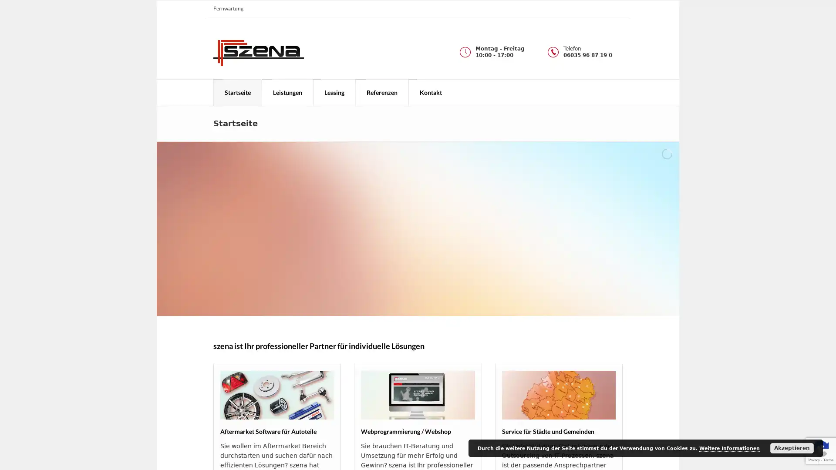  Describe the element at coordinates (792, 448) in the screenshot. I see `Akzeptieren` at that location.